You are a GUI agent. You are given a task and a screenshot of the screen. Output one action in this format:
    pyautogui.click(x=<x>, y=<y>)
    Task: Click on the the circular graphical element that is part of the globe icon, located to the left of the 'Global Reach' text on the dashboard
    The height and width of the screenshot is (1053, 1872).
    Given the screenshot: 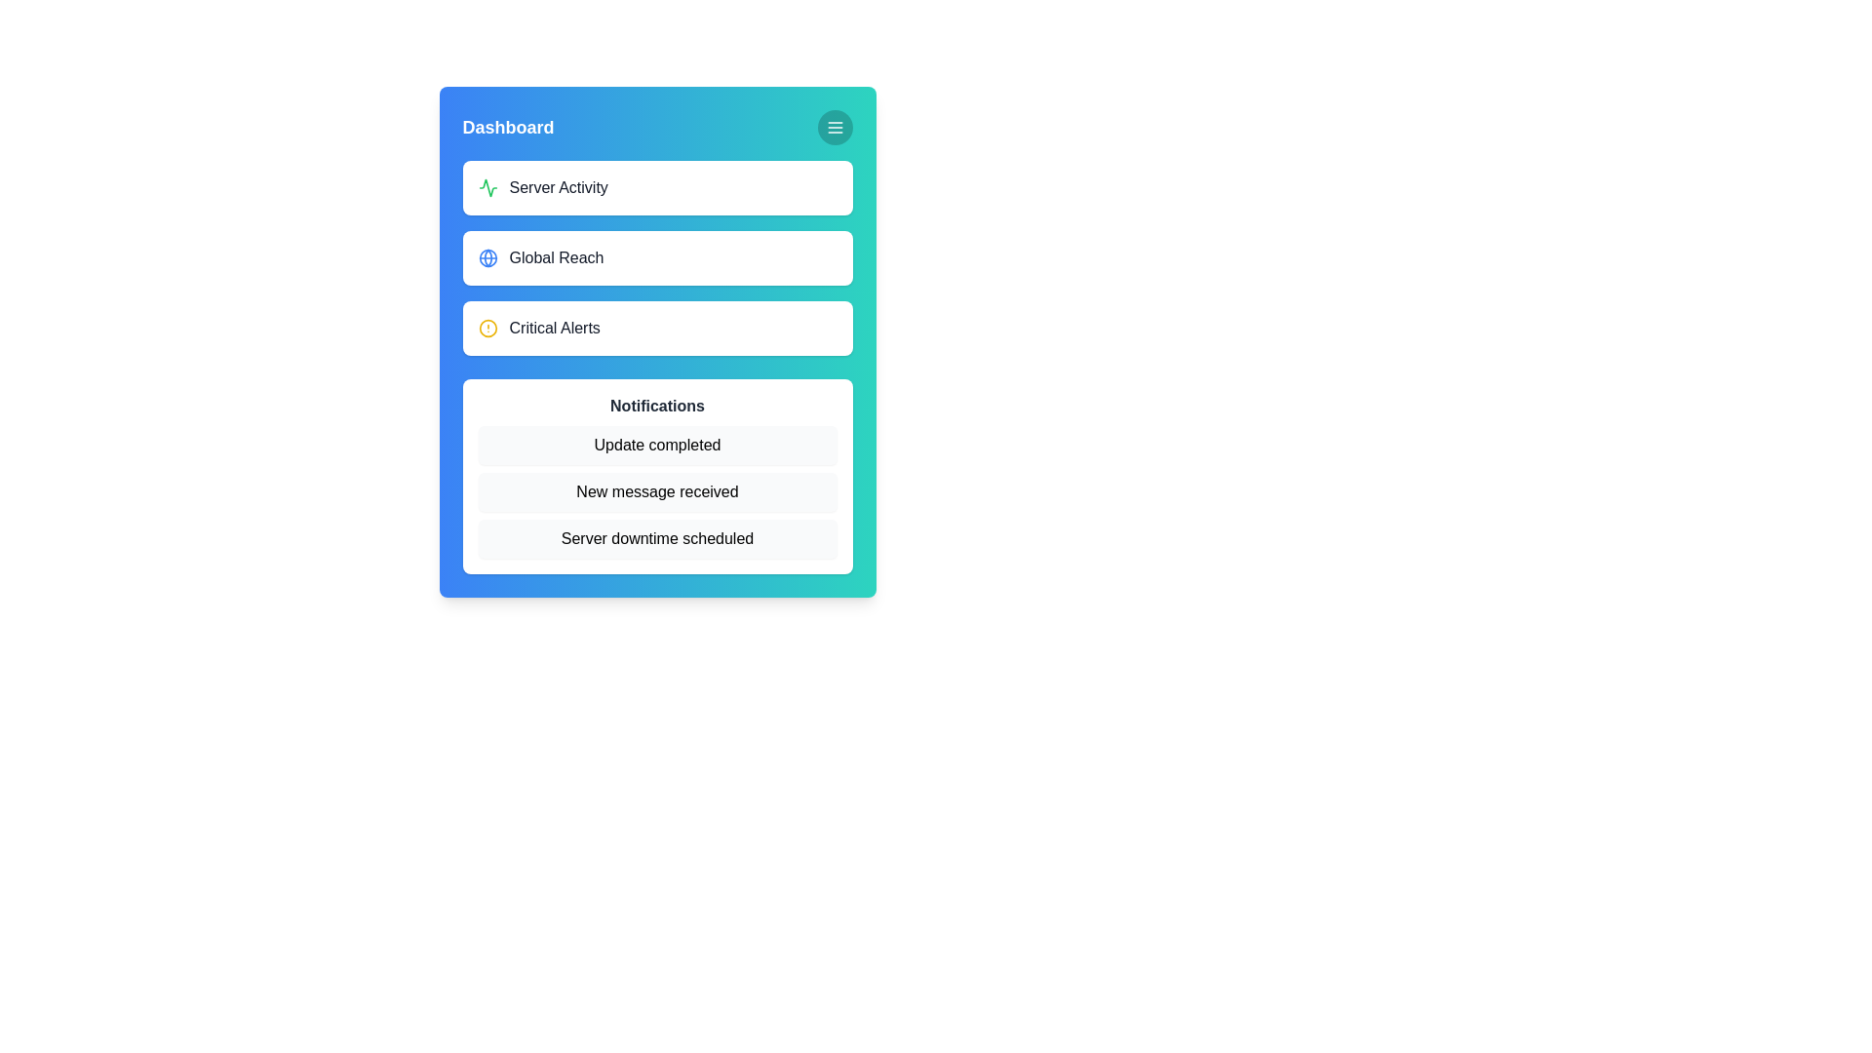 What is the action you would take?
    pyautogui.click(x=487, y=257)
    